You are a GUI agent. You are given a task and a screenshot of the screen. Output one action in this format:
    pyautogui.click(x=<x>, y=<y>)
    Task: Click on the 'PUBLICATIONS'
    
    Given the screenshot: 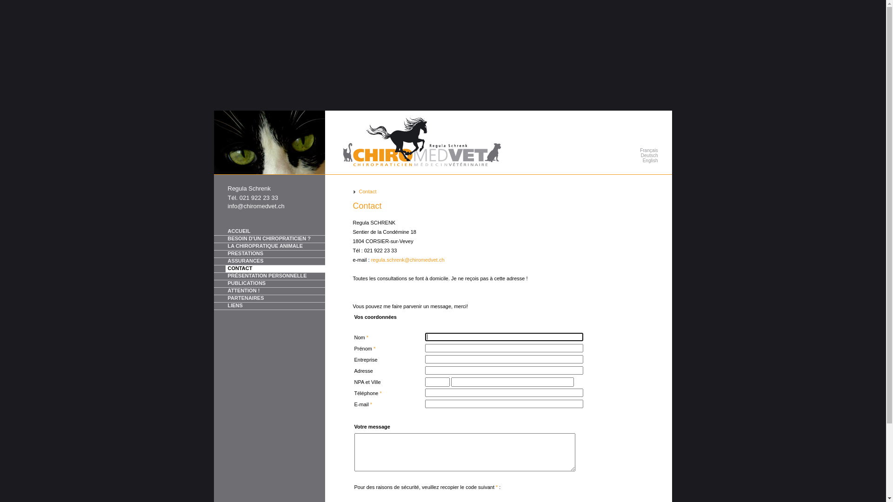 What is the action you would take?
    pyautogui.click(x=274, y=283)
    